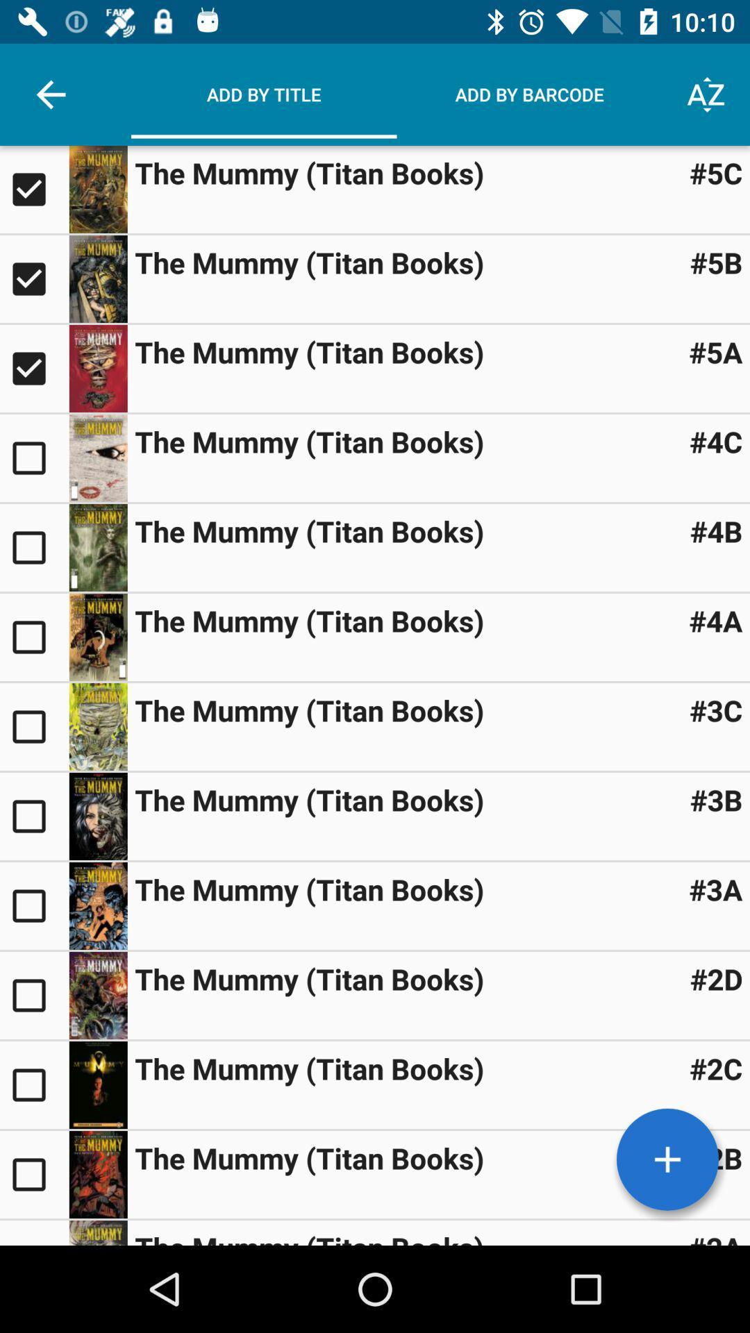 This screenshot has width=750, height=1333. Describe the element at coordinates (33, 458) in the screenshot. I see `comic to collection` at that location.